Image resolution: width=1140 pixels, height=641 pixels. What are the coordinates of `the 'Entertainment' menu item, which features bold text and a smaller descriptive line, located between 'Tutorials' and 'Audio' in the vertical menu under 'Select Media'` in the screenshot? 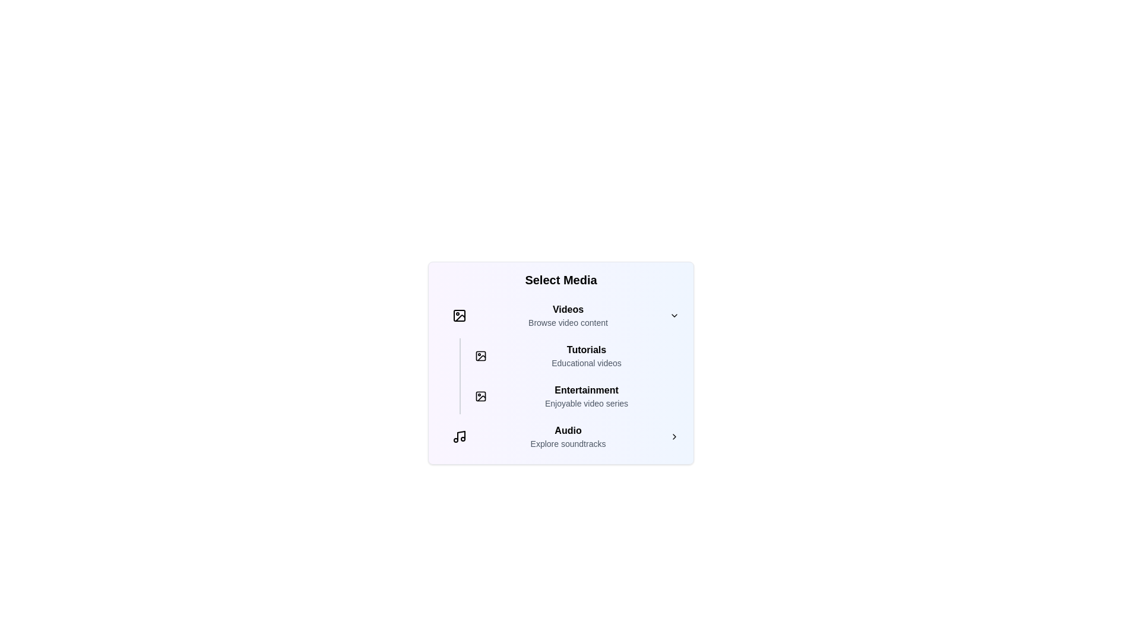 It's located at (577, 396).